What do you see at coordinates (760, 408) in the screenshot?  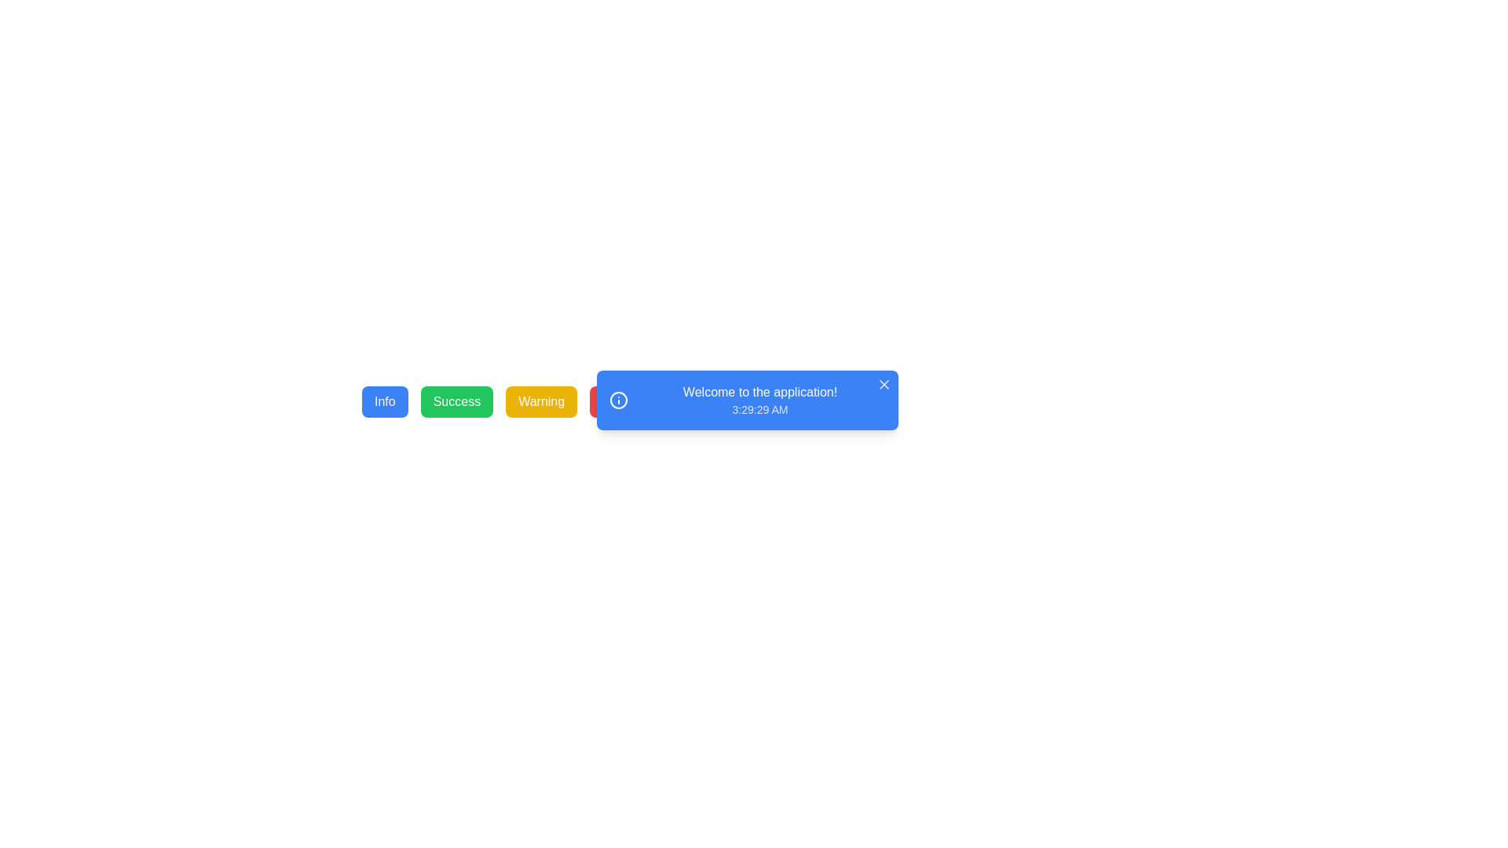 I see `displayed time from the Text label located within the notification component below the title 'Welcome to the application!'` at bounding box center [760, 408].